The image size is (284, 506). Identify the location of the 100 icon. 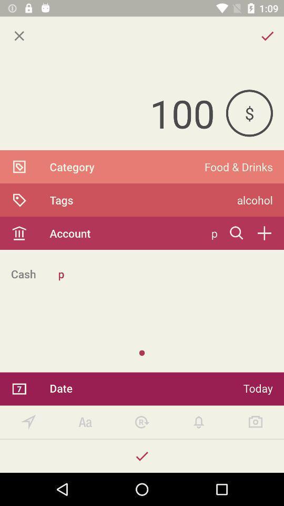
(112, 113).